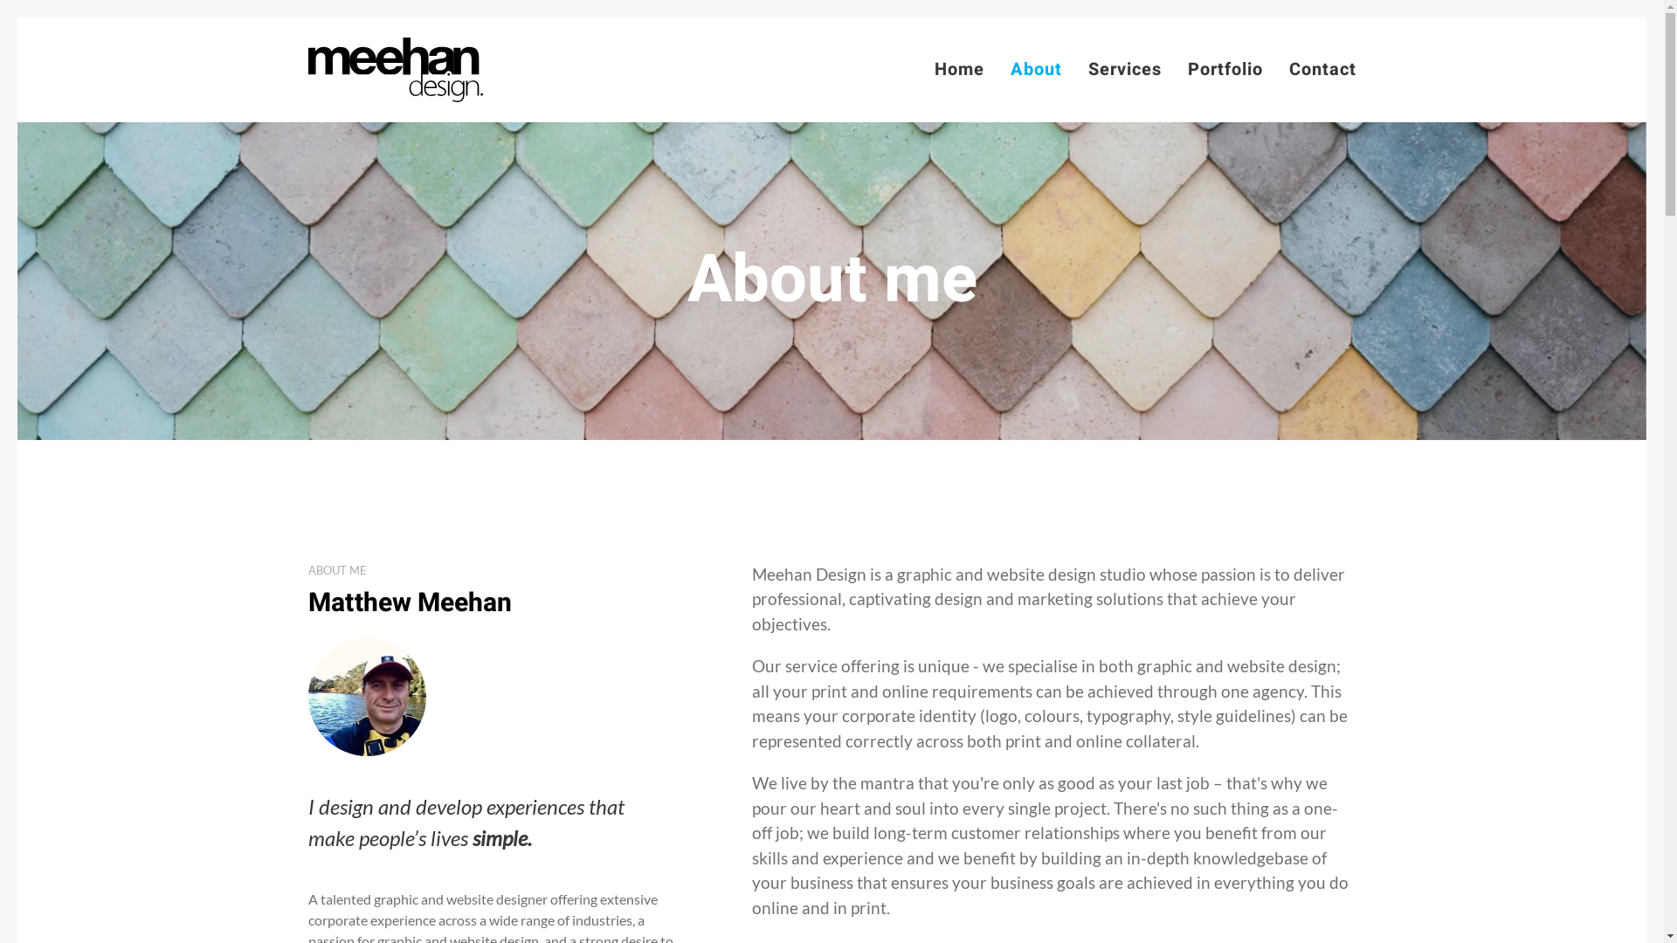 The image size is (1677, 943). Describe the element at coordinates (1322, 69) in the screenshot. I see `'Contact'` at that location.